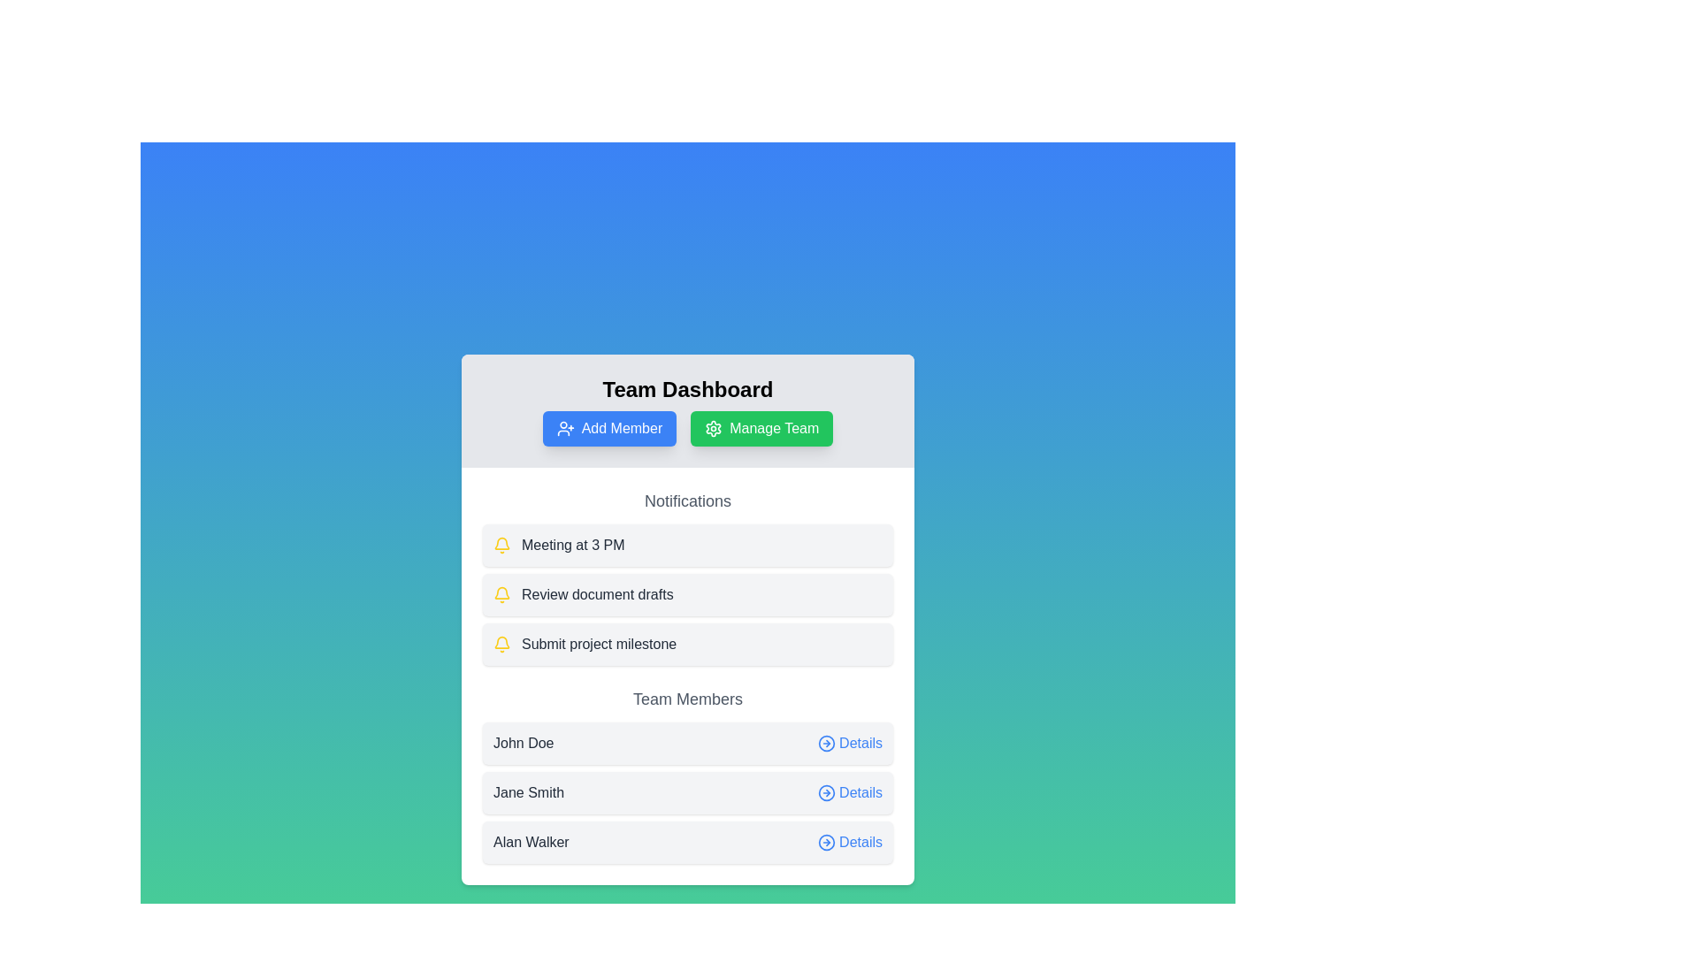 The height and width of the screenshot is (955, 1698). I want to click on the second notification item, so click(686, 594).